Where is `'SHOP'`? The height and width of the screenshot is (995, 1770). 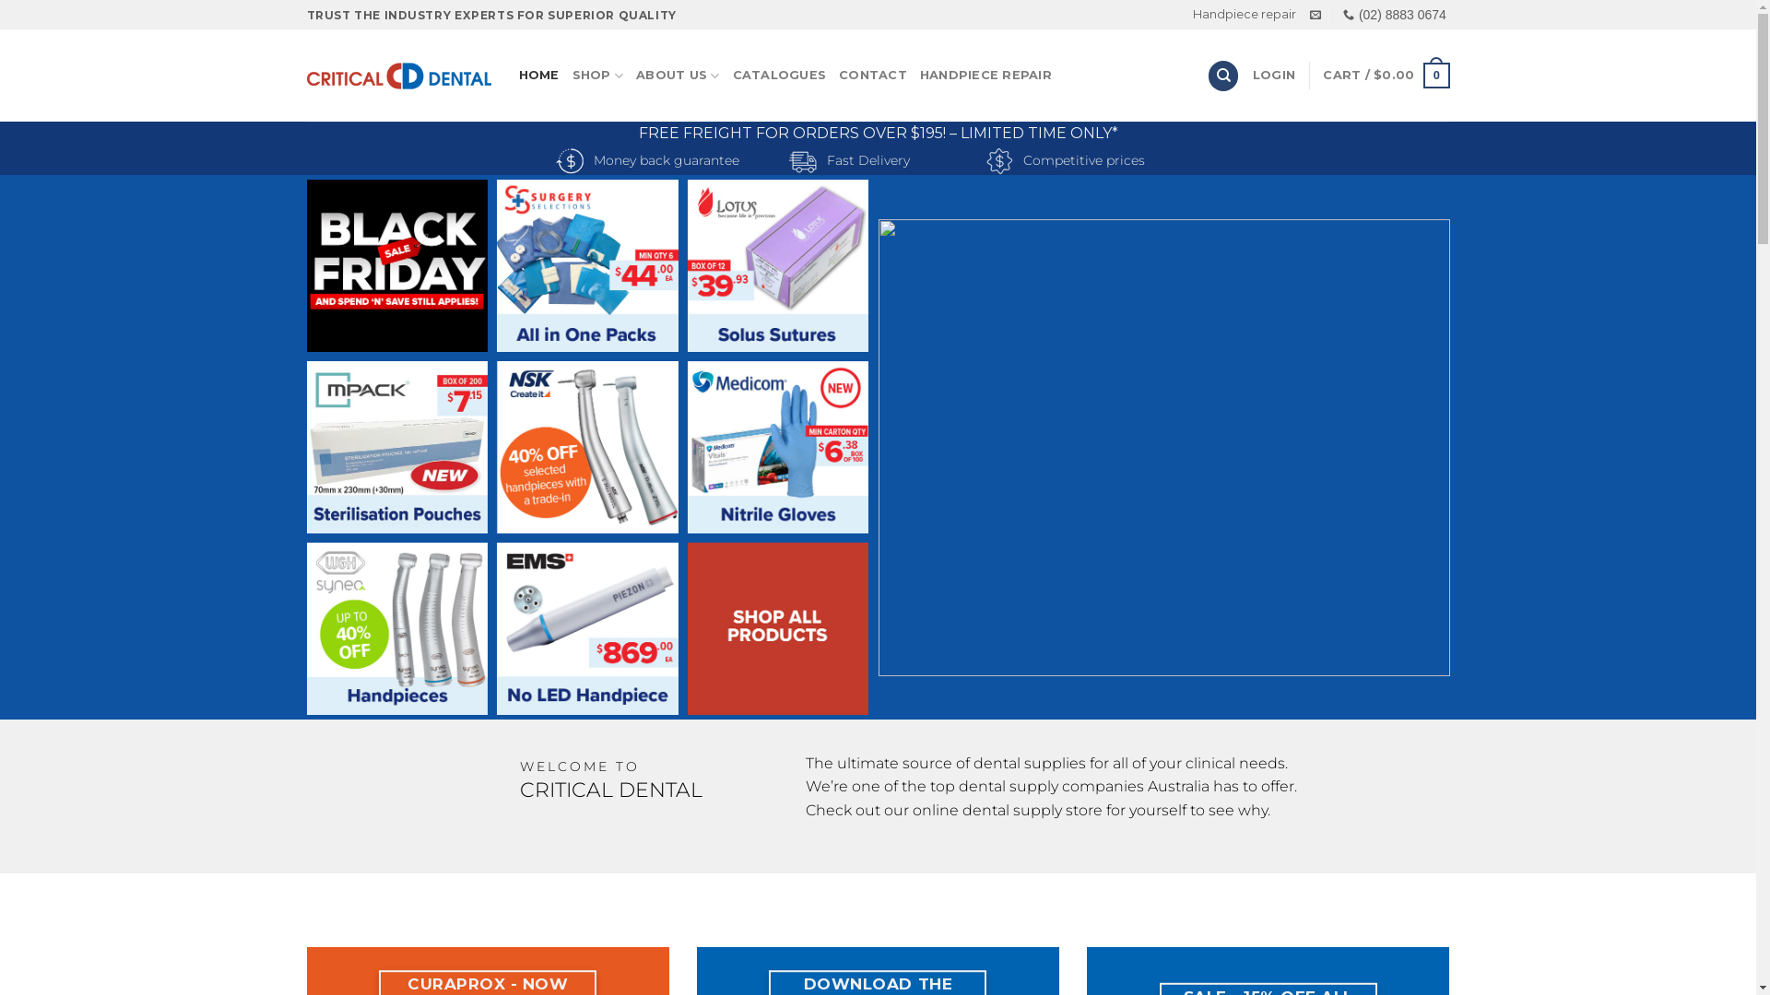
'SHOP' is located at coordinates (571, 75).